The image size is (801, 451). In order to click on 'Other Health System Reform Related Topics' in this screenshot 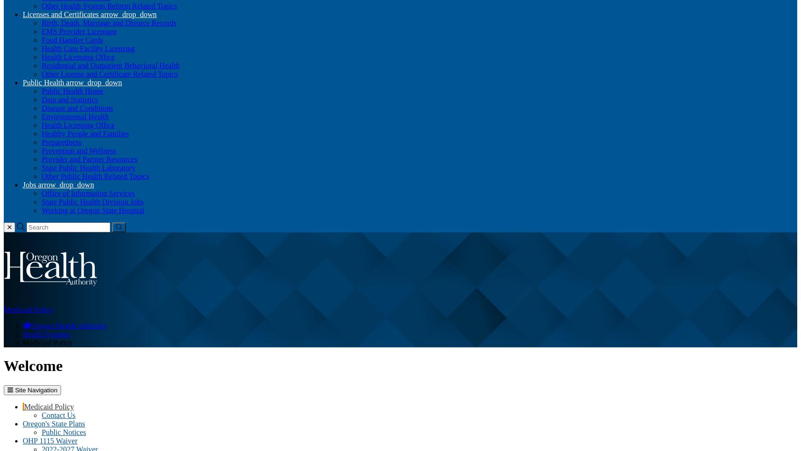, I will do `click(41, 5)`.